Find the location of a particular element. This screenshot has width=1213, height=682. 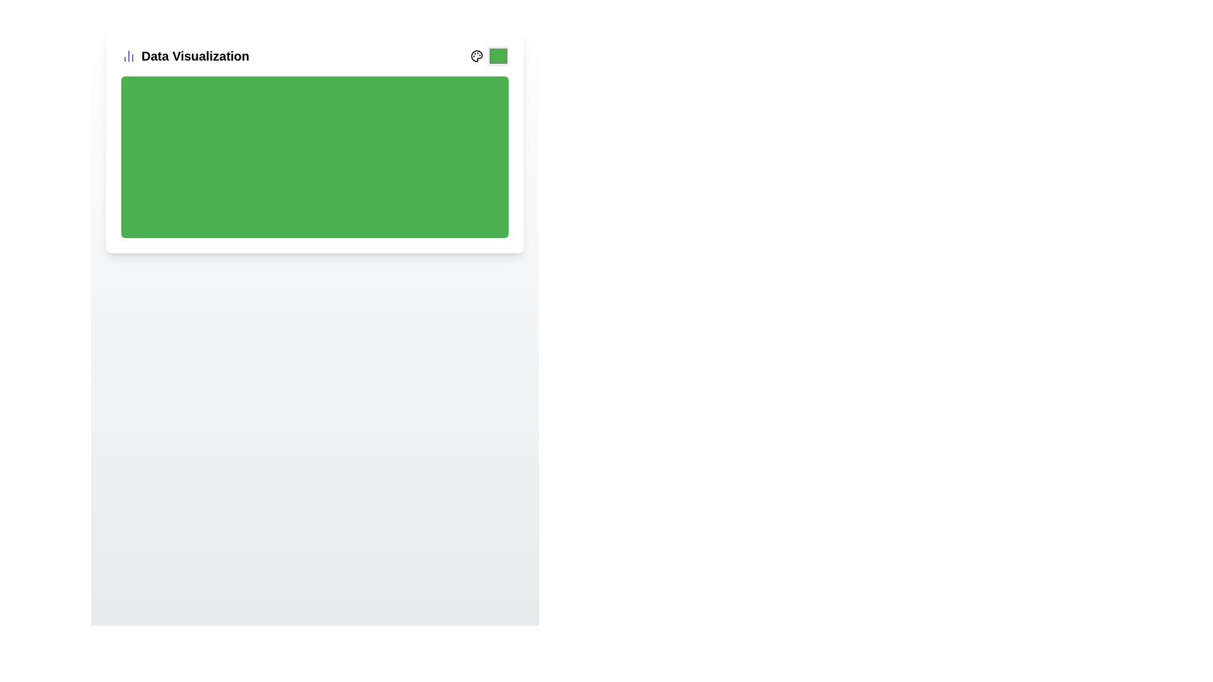

the SVG icon resembling a palette with multiple small circles representing paint colors, which is located to the left of a color picker box in the top-right corner of a card-like section is located at coordinates (476, 55).